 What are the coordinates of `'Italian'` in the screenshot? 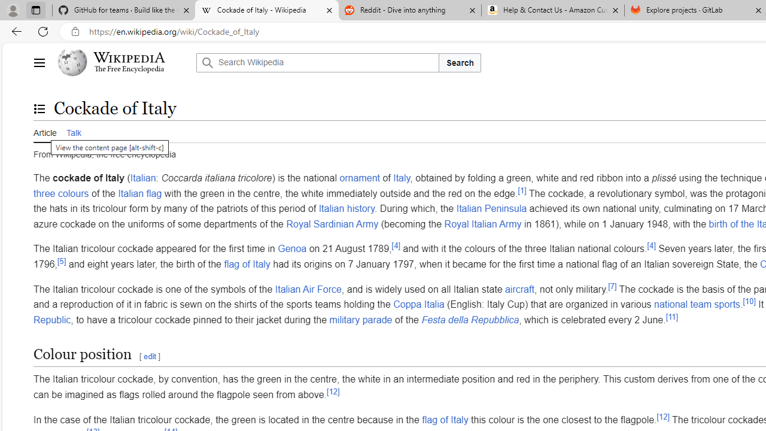 It's located at (143, 178).